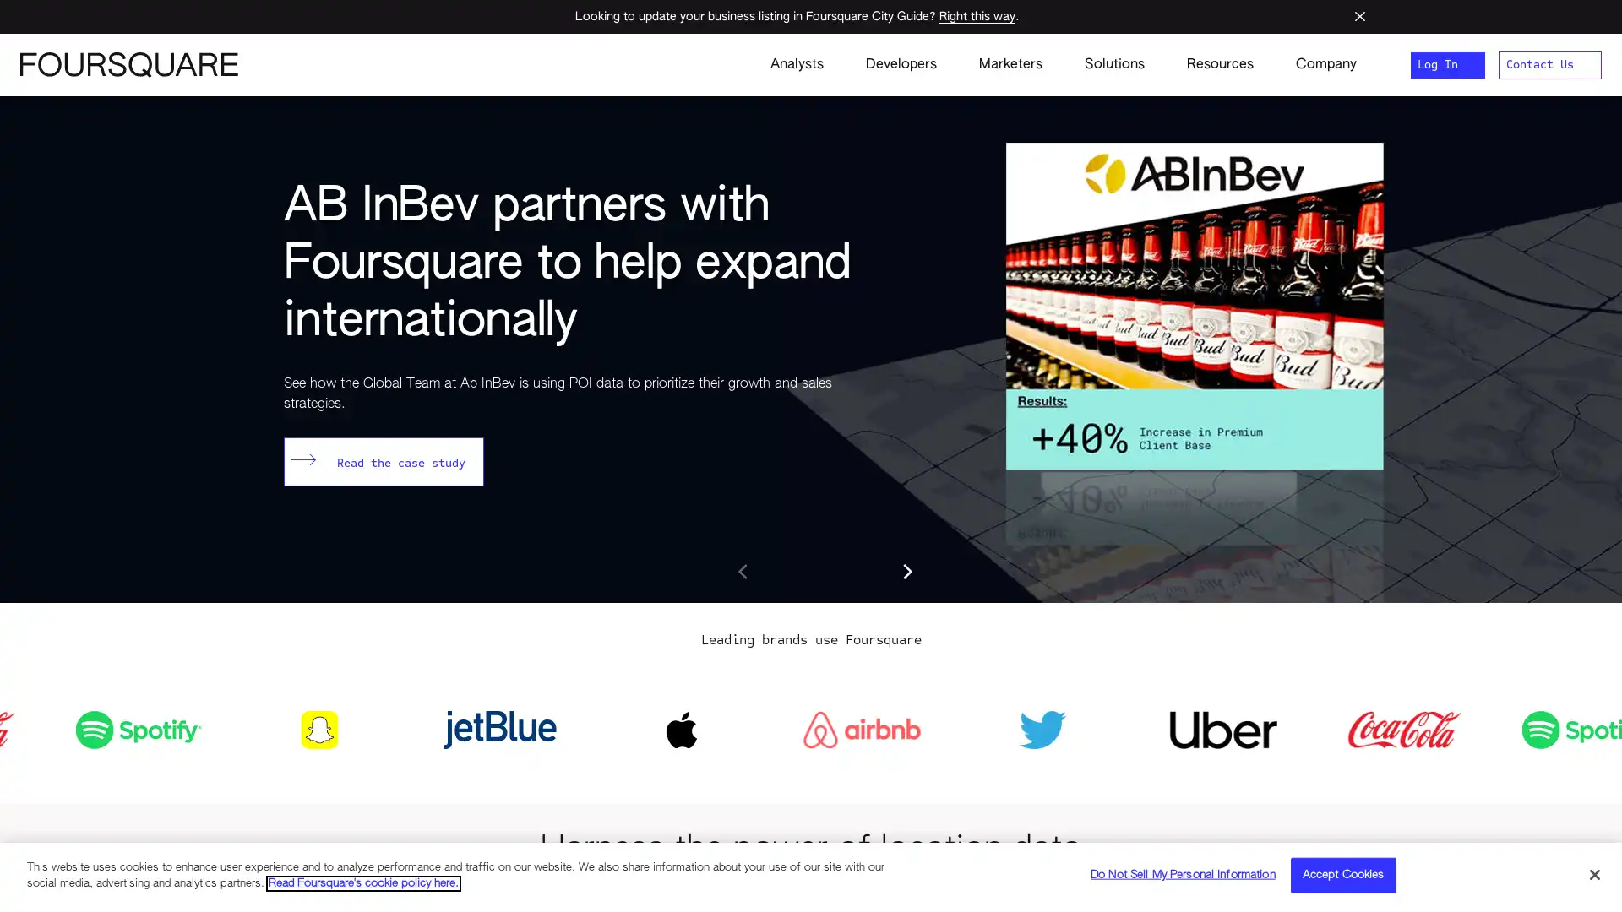 This screenshot has height=912, width=1622. I want to click on Previous, so click(743, 571).